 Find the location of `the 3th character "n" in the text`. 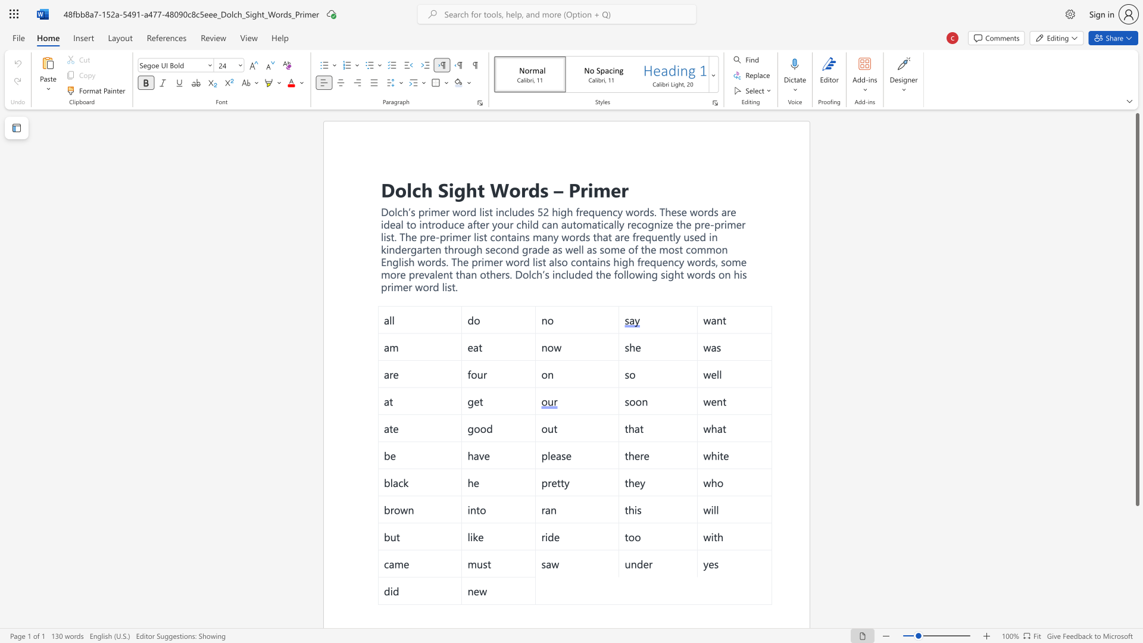

the 3th character "n" in the text is located at coordinates (424, 224).